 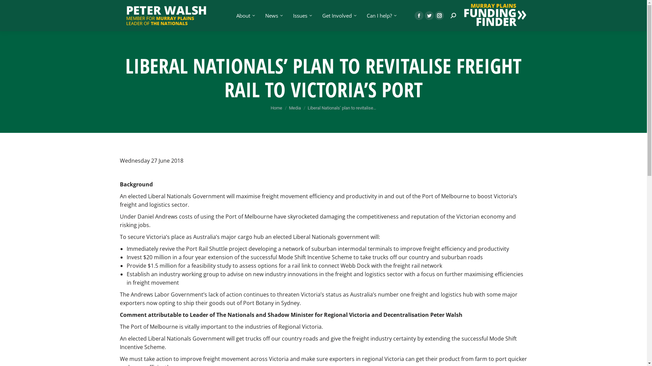 What do you see at coordinates (439, 15) in the screenshot?
I see `'Instagram page opens in new window'` at bounding box center [439, 15].